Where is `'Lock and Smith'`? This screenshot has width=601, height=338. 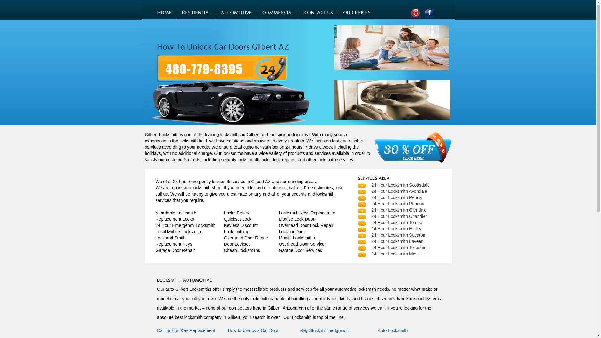
'Lock and Smith' is located at coordinates (170, 238).